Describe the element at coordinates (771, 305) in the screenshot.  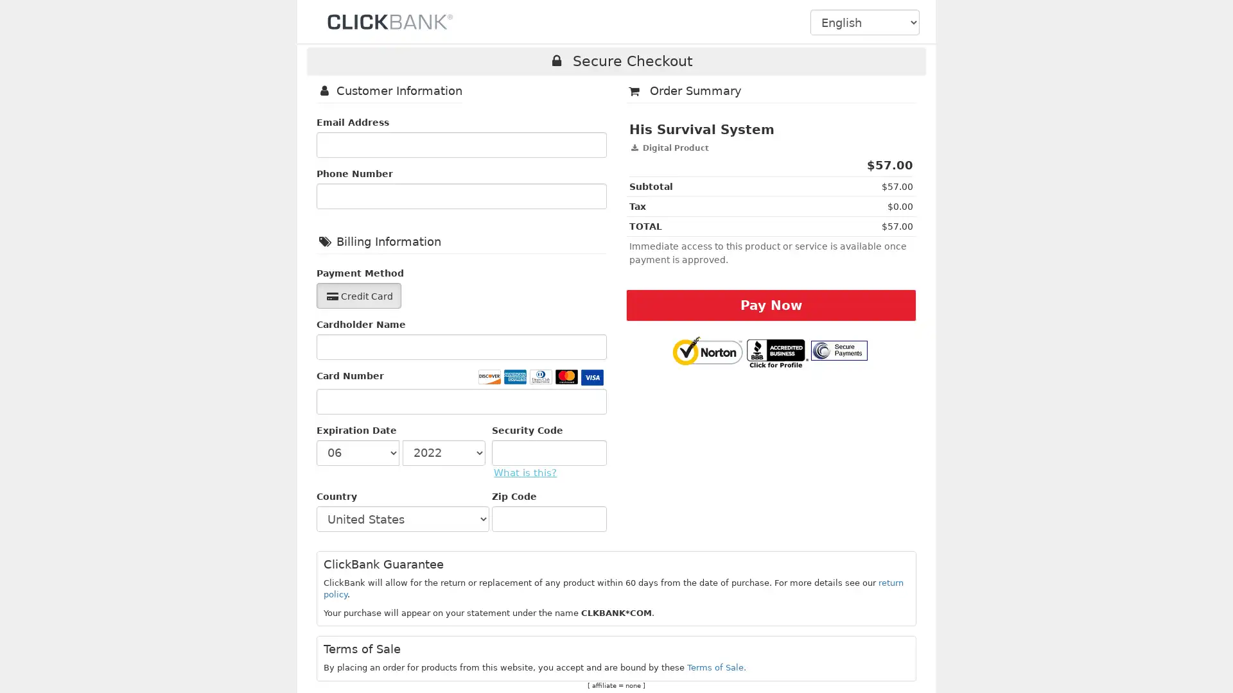
I see `Pay Now` at that location.